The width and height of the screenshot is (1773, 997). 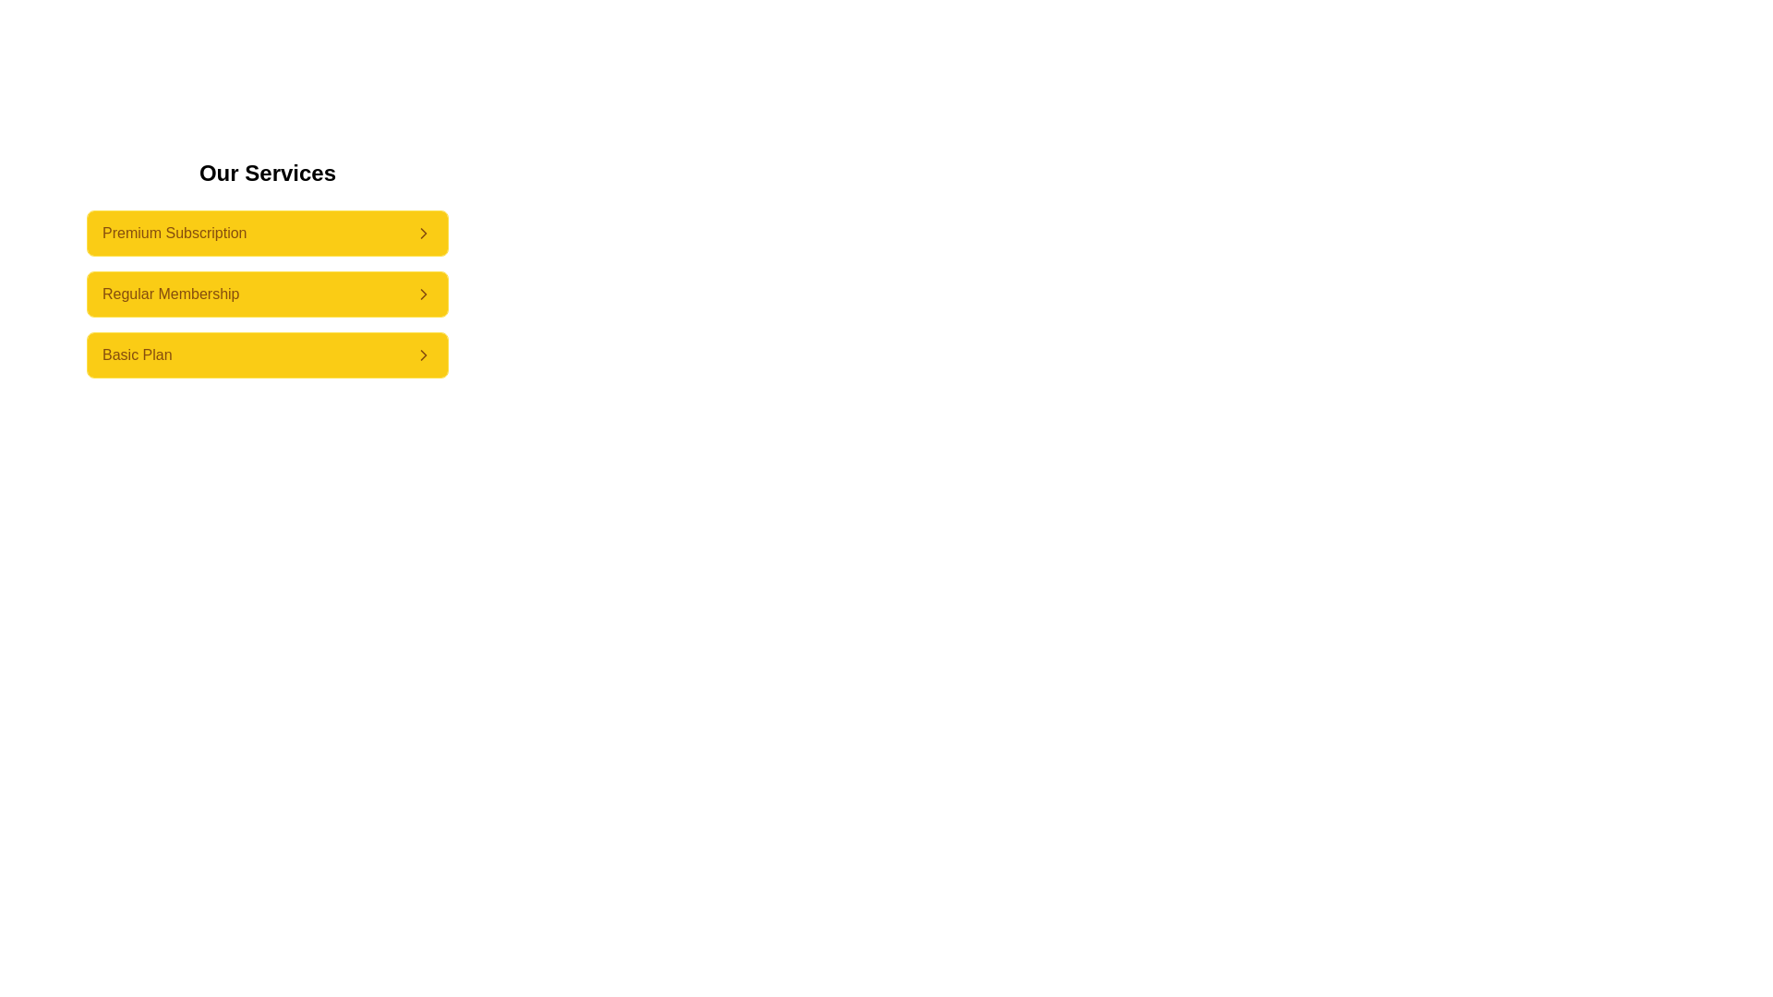 I want to click on the chevron icon located at the mid-right portion of the 'Regular Membership' button, so click(x=423, y=294).